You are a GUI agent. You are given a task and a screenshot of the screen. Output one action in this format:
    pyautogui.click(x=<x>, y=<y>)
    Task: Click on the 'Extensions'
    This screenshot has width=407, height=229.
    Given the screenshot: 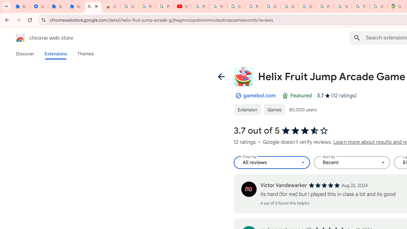 What is the action you would take?
    pyautogui.click(x=55, y=53)
    